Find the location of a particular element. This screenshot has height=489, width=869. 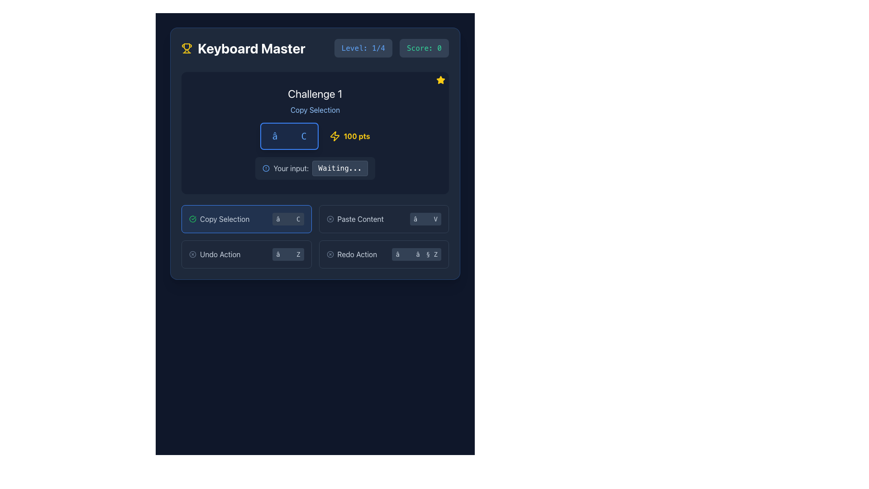

the progress label indicating '1/4', located in the top-right section of the interface to the right of 'Keyboard Master', within a rounded rectangle with a slate-gray background is located at coordinates (363, 48).